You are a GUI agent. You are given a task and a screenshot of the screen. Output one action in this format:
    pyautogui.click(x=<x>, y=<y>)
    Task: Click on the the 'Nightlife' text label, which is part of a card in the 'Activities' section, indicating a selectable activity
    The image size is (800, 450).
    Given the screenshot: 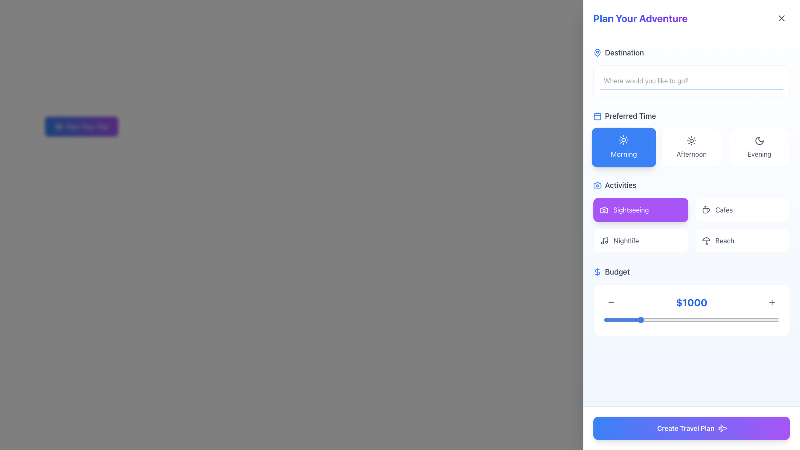 What is the action you would take?
    pyautogui.click(x=626, y=241)
    